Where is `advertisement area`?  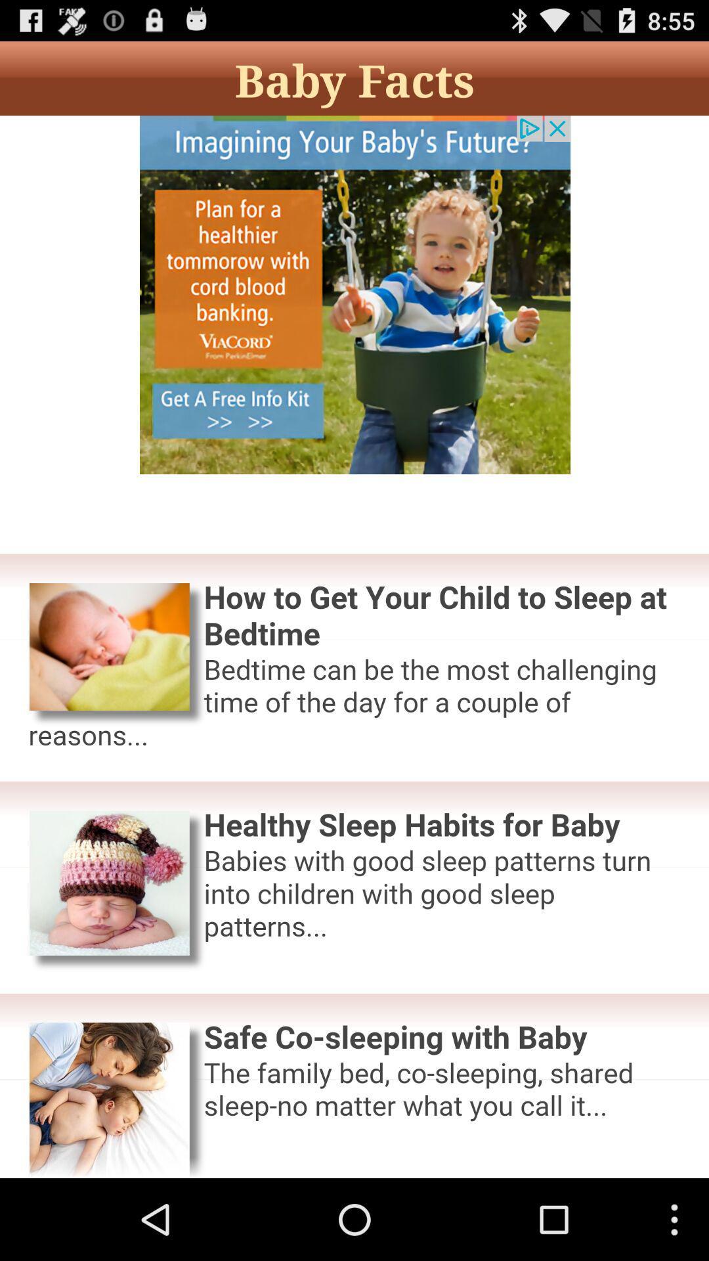
advertisement area is located at coordinates (354, 647).